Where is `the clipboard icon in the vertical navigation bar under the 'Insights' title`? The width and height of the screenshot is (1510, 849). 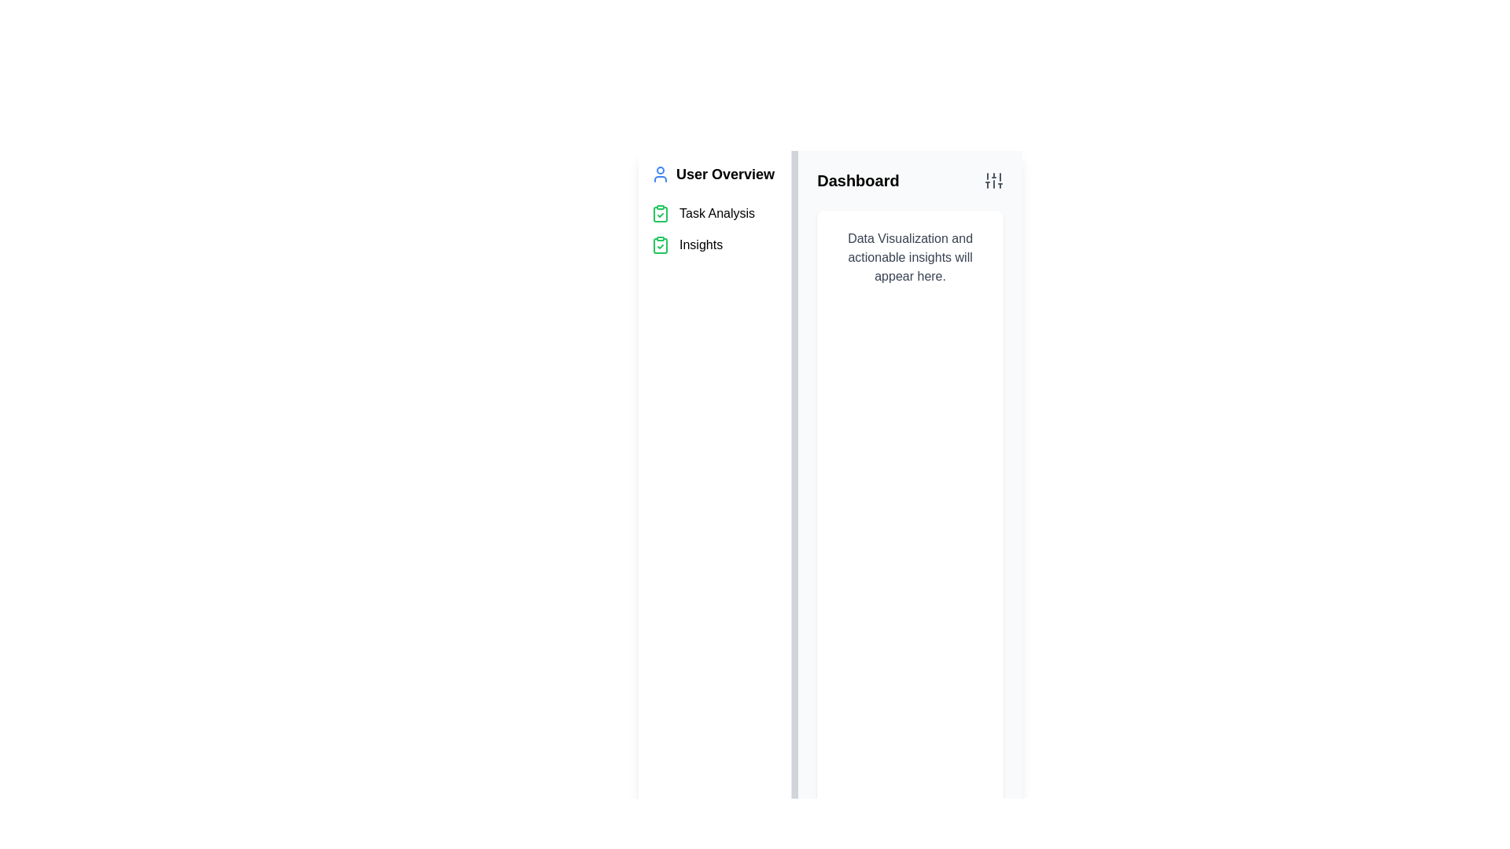
the clipboard icon in the vertical navigation bar under the 'Insights' title is located at coordinates (661, 245).